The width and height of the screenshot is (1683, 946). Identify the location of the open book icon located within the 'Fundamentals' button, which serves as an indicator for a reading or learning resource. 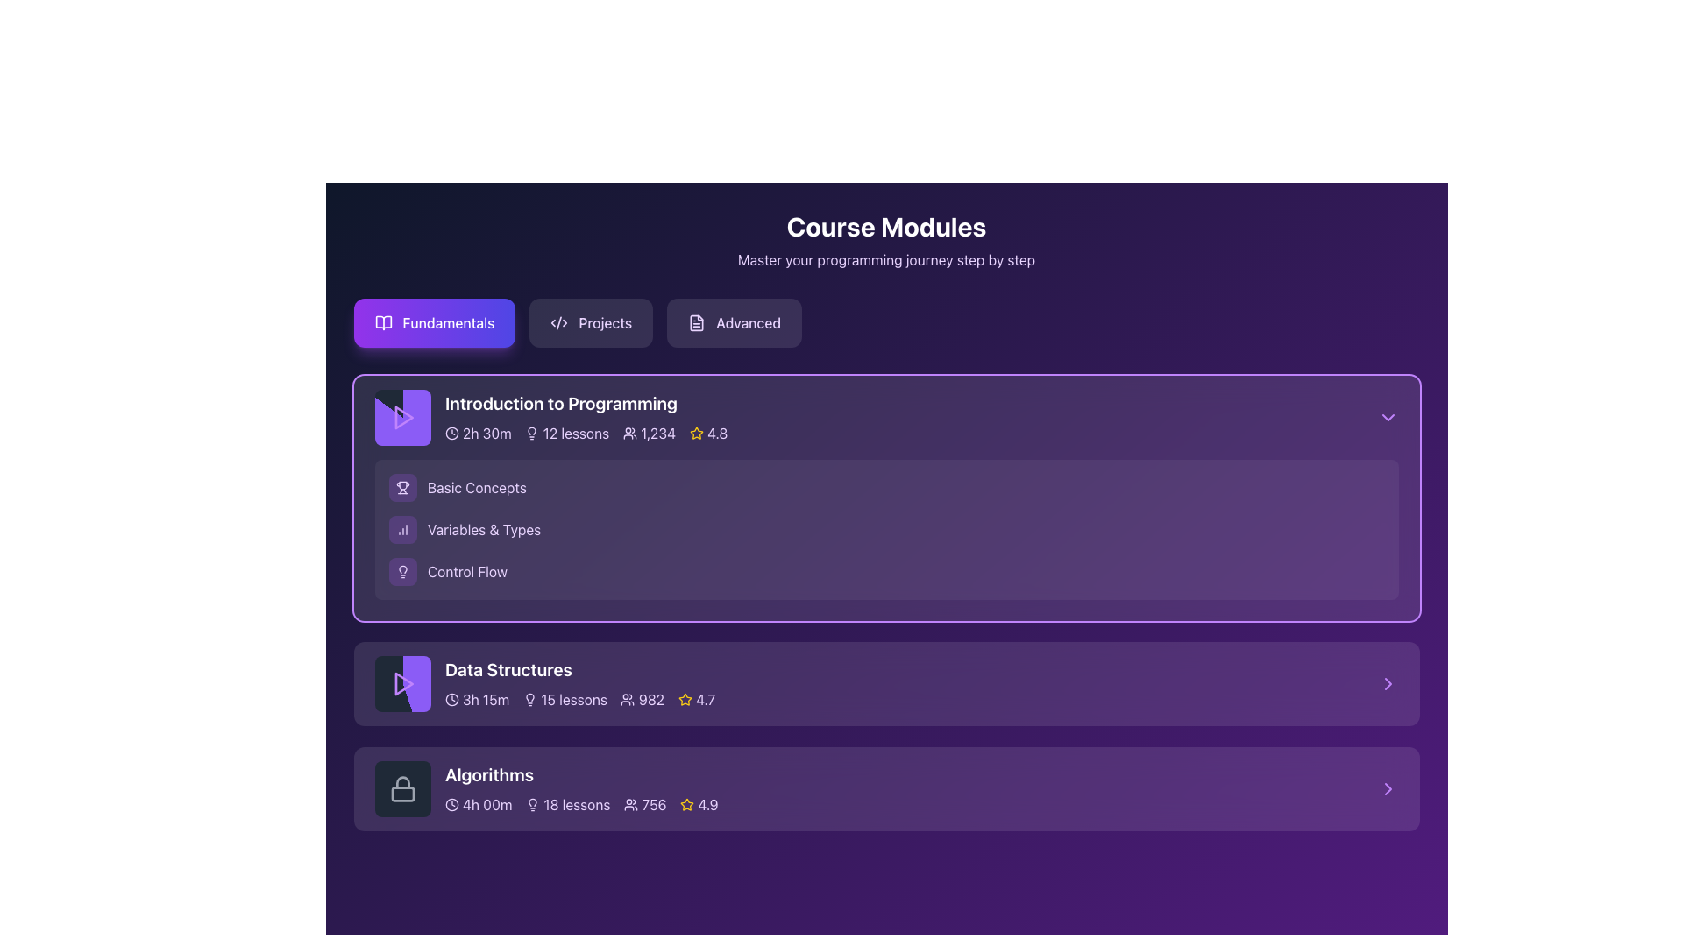
(382, 323).